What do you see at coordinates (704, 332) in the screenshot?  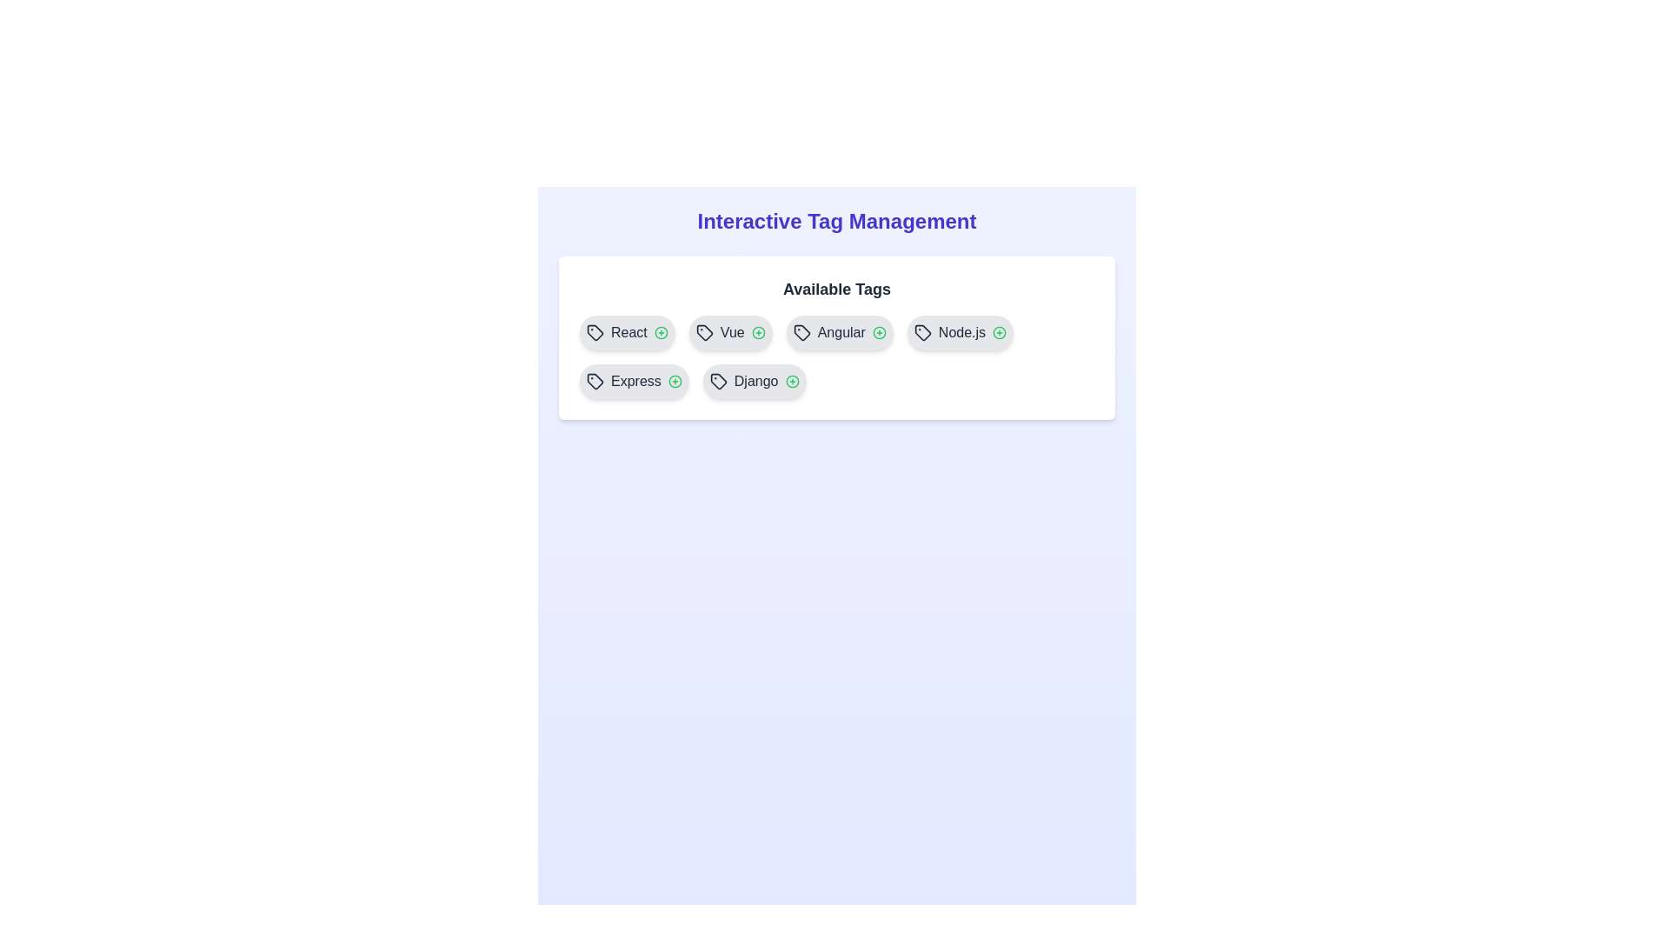 I see `the small graphical tag icon with a circular cutout, located within the 'Vue' tag item, the second tag in the top row of the 'Available Tags' section` at bounding box center [704, 332].